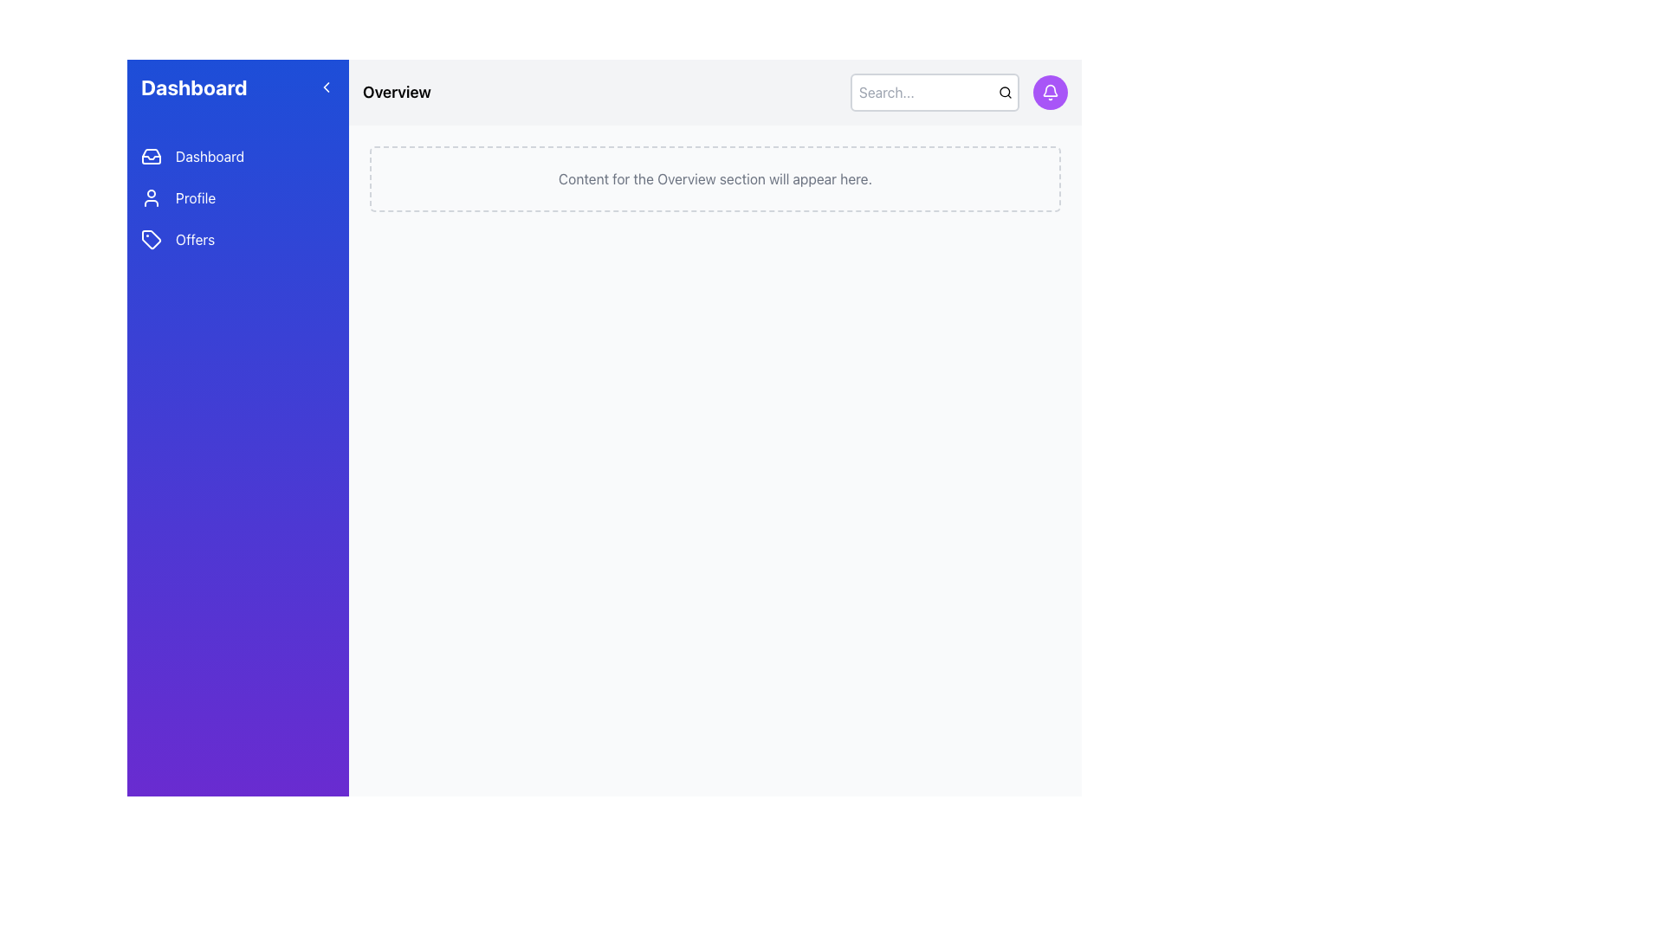 This screenshot has width=1663, height=935. What do you see at coordinates (194, 87) in the screenshot?
I see `the bold 'Dashboard' text label located at the top of the vertical navigation bar on the left side of the interface` at bounding box center [194, 87].